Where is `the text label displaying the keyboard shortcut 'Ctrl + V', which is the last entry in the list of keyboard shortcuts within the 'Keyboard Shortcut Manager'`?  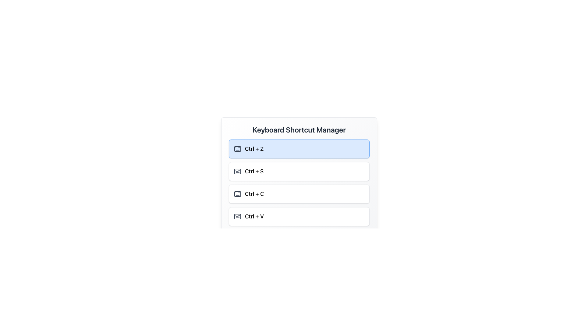 the text label displaying the keyboard shortcut 'Ctrl + V', which is the last entry in the list of keyboard shortcuts within the 'Keyboard Shortcut Manager' is located at coordinates (254, 216).